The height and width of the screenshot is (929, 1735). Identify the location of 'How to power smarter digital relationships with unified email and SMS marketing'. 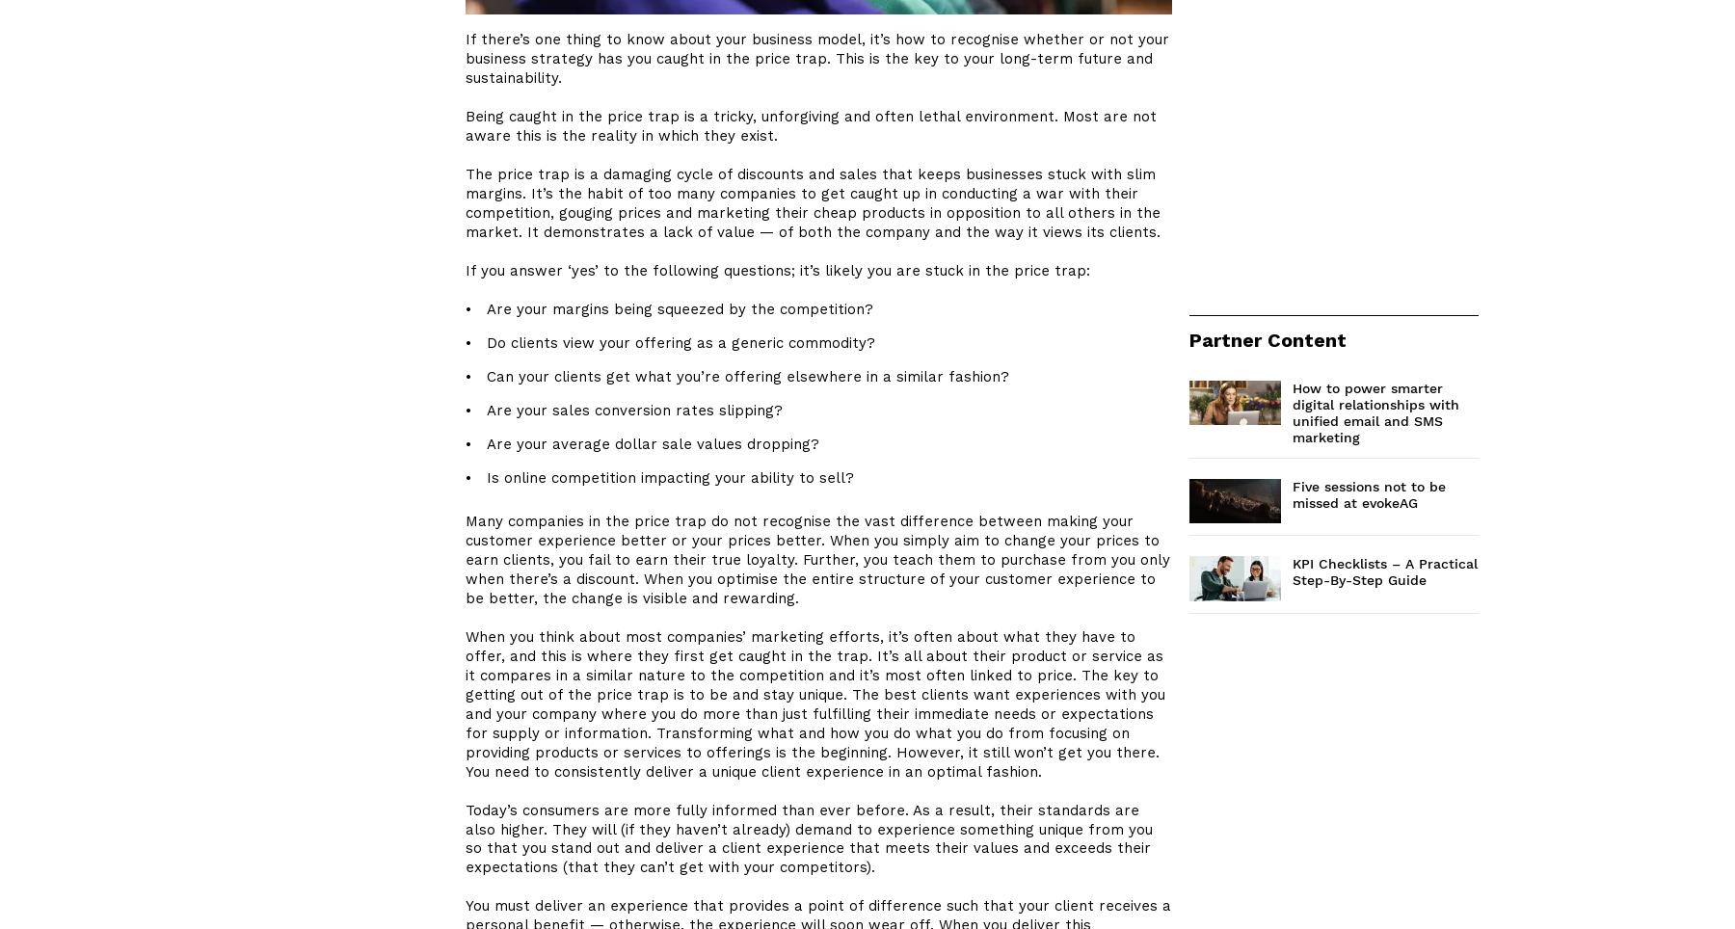
(1375, 411).